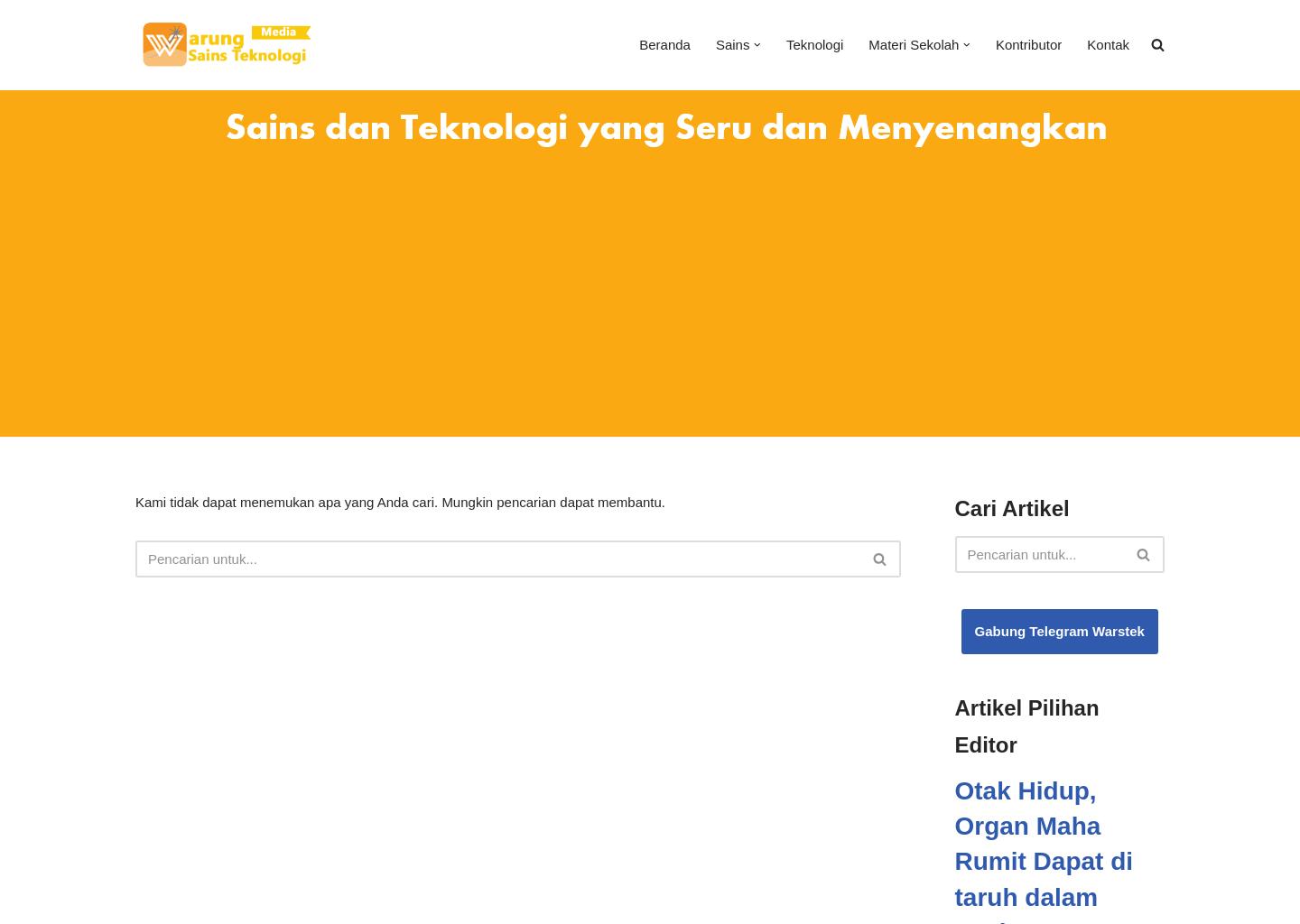  Describe the element at coordinates (663, 43) in the screenshot. I see `'Beranda'` at that location.